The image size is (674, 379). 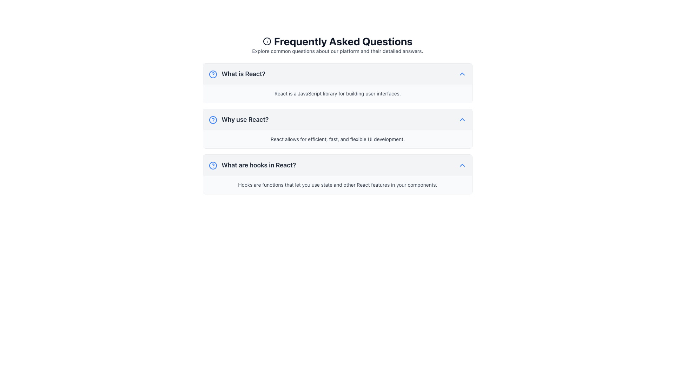 I want to click on the 'Why use React?' button in the FAQ interface, so click(x=337, y=119).